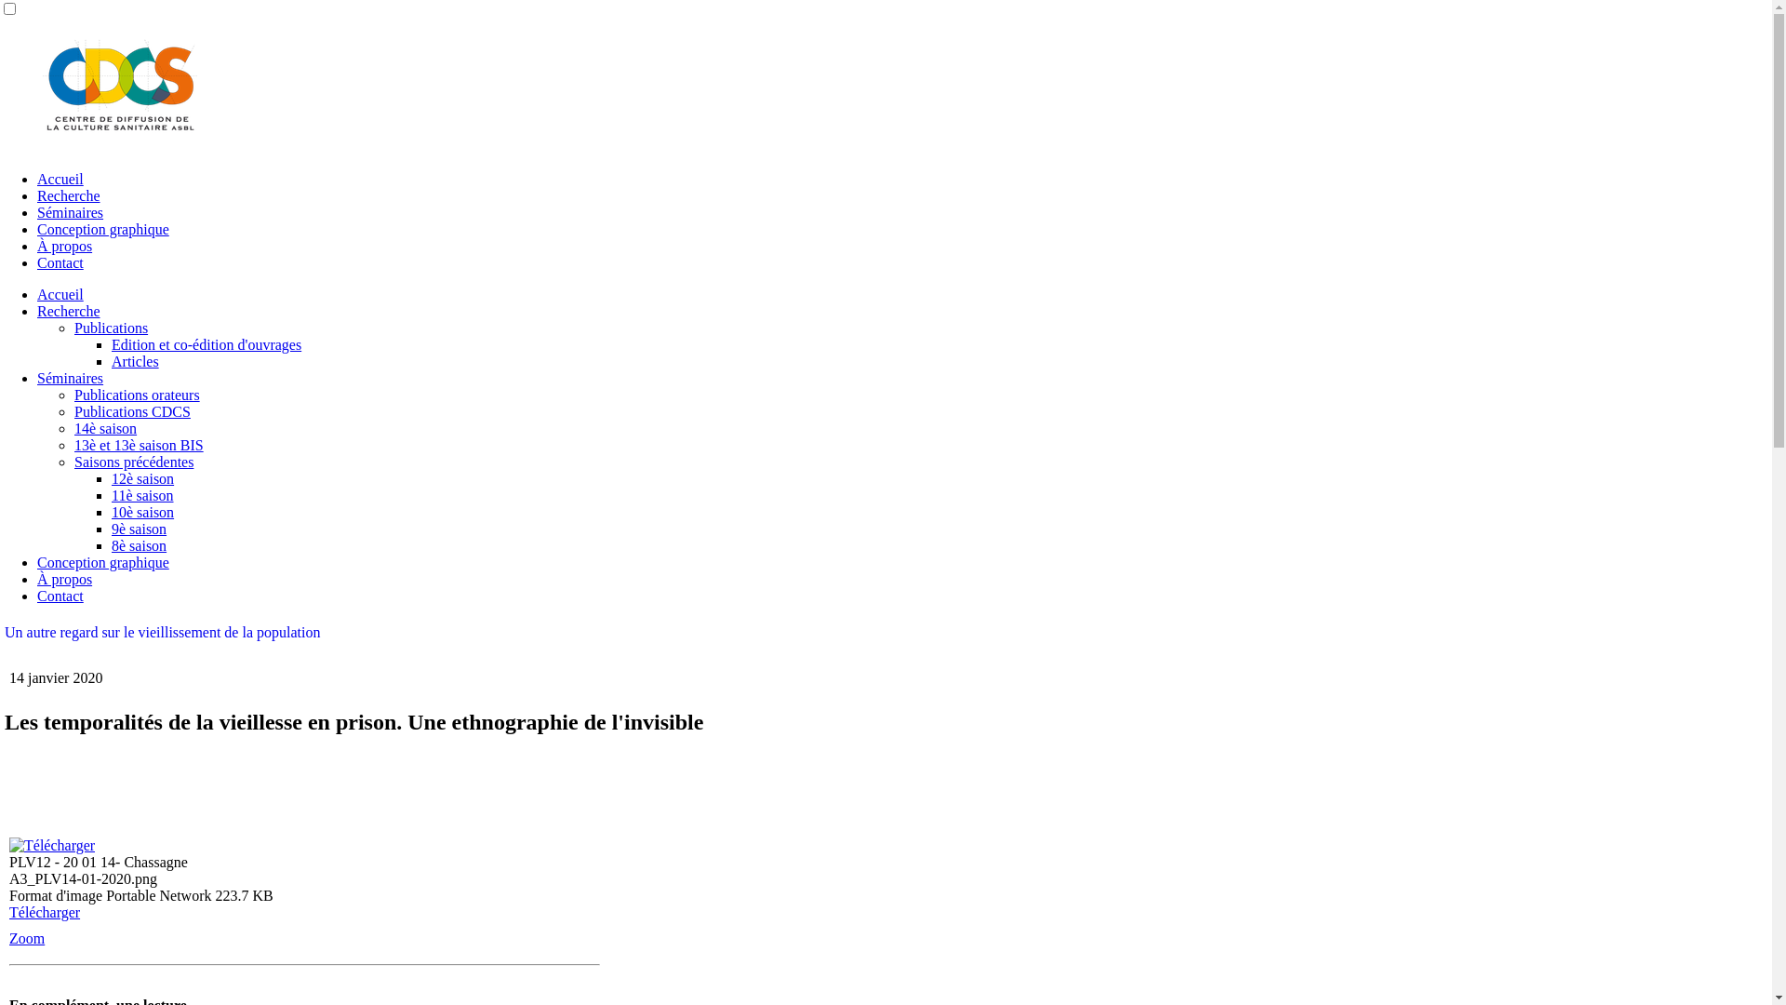  I want to click on 'Recherche', so click(68, 195).